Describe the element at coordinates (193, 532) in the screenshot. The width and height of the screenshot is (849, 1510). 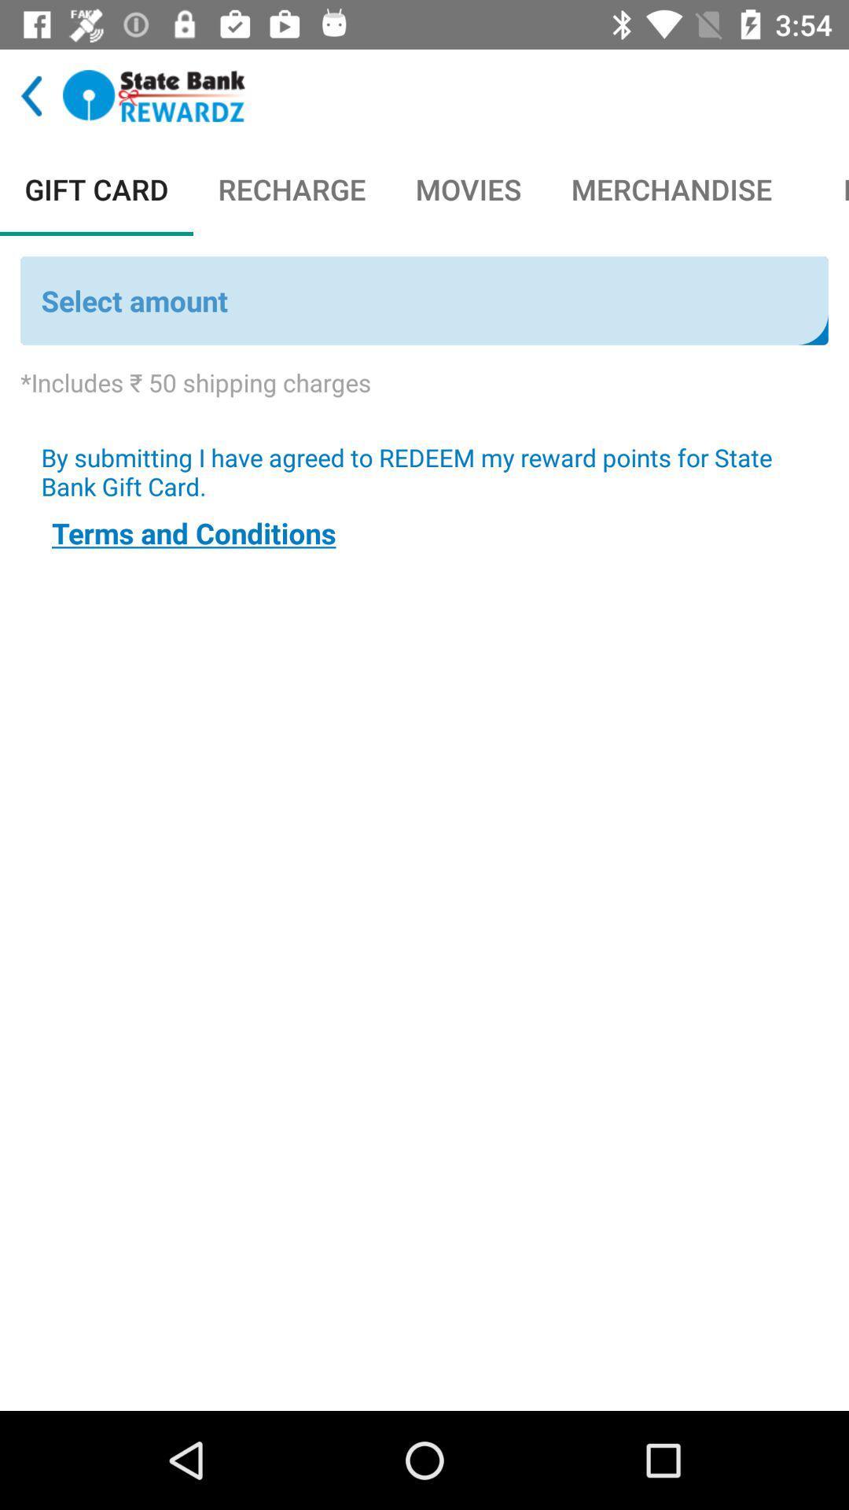
I see `the item on the left` at that location.